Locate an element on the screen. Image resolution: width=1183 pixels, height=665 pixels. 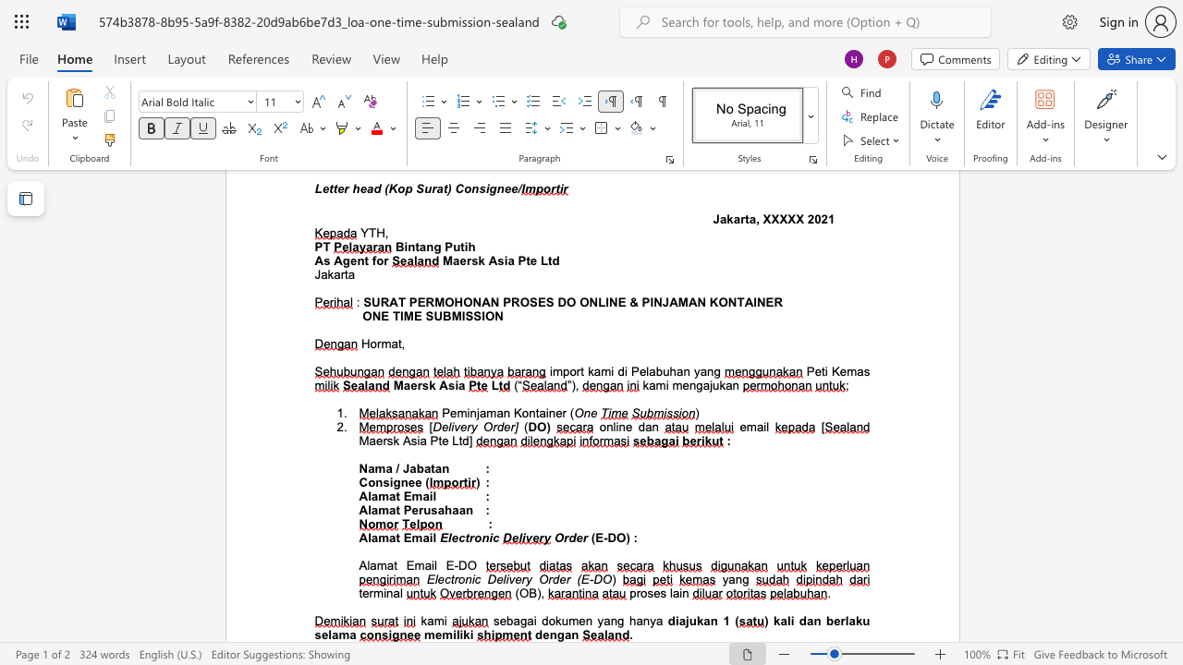
the subset text "lak" within the text "dan berlaku selama" is located at coordinates (844, 621).